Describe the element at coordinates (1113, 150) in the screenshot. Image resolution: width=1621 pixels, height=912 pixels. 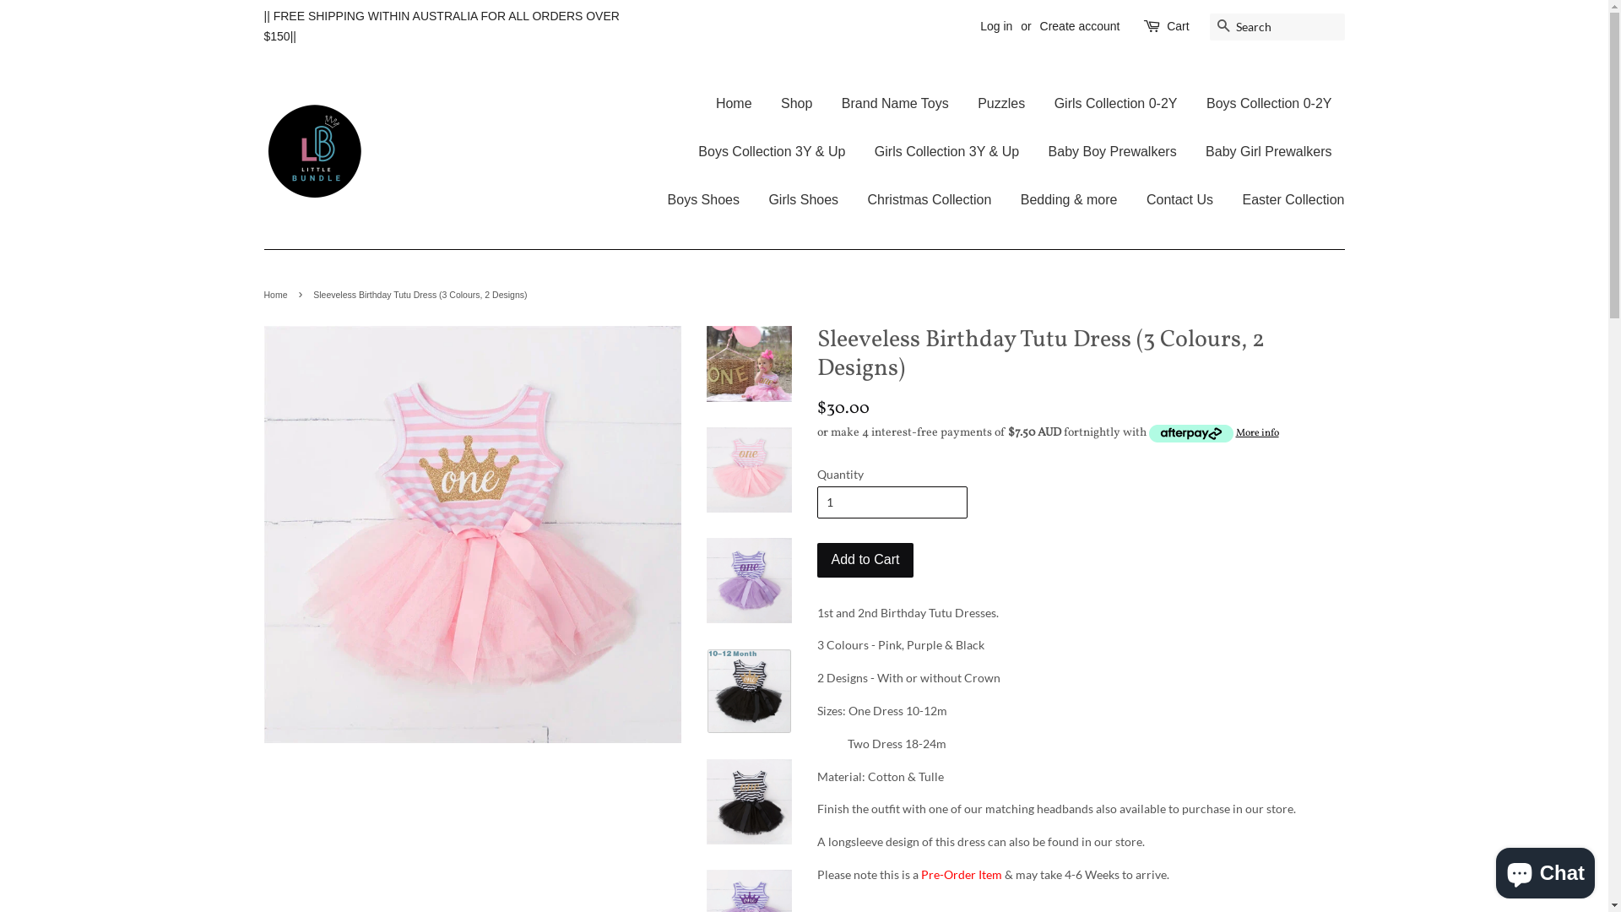
I see `'Baby Boy Prewalkers'` at that location.